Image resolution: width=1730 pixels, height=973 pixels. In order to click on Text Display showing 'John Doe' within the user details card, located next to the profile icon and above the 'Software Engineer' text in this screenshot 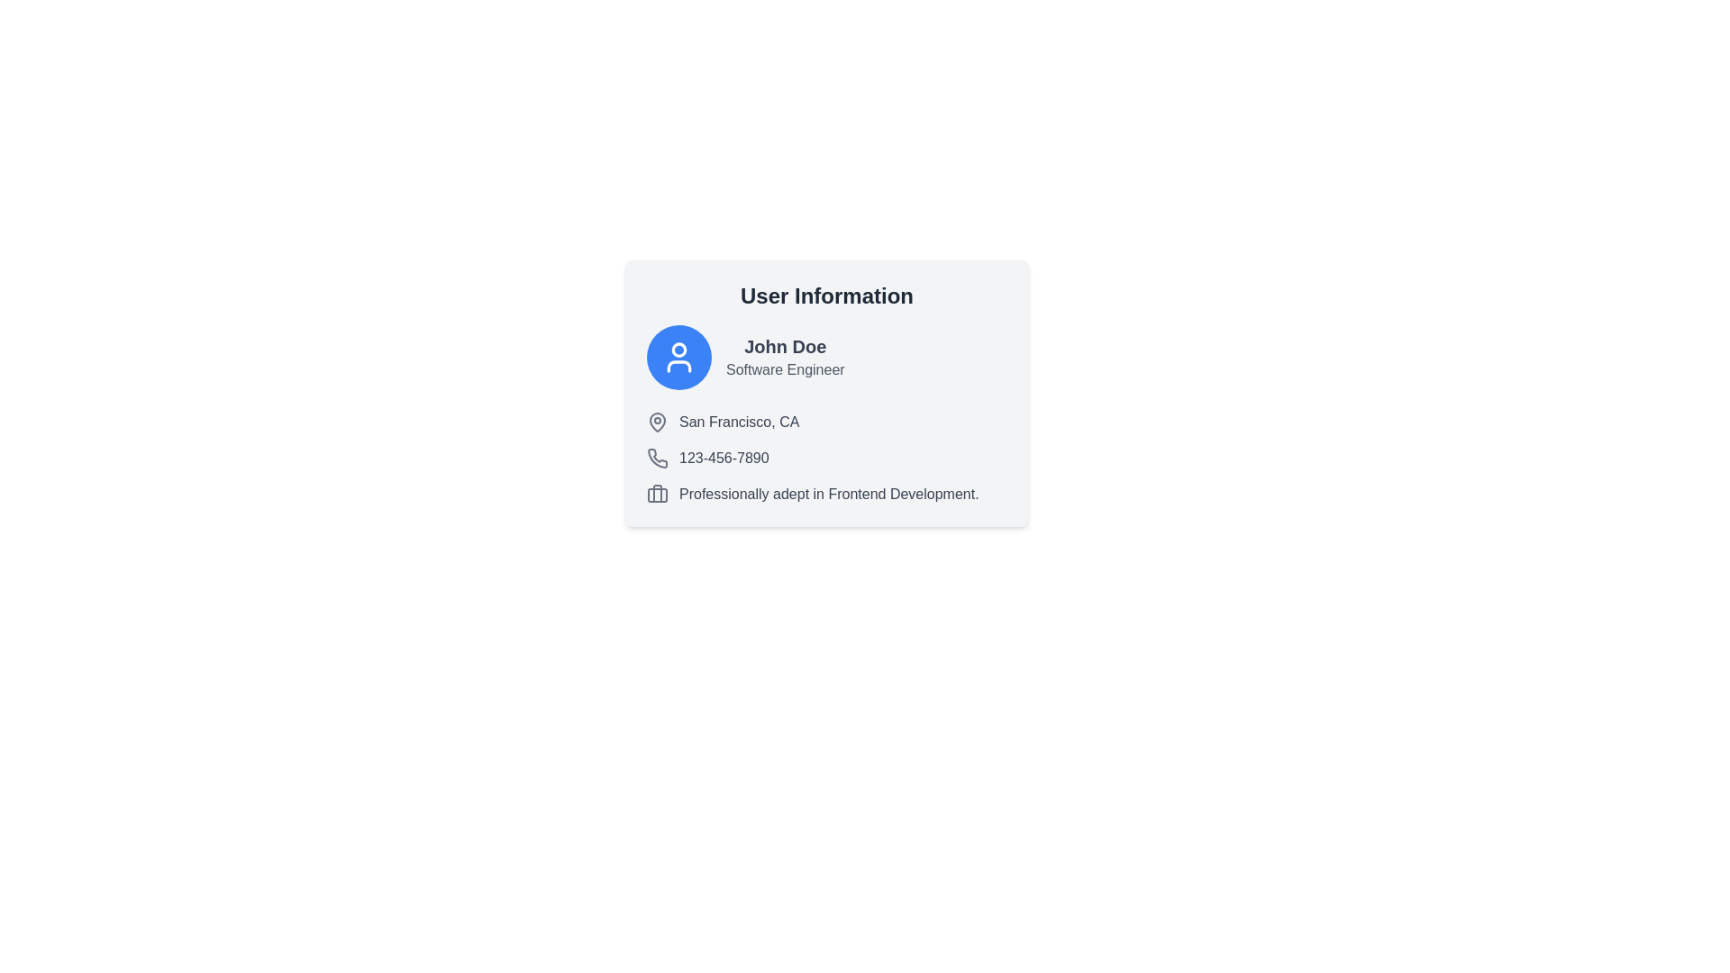, I will do `click(785, 347)`.